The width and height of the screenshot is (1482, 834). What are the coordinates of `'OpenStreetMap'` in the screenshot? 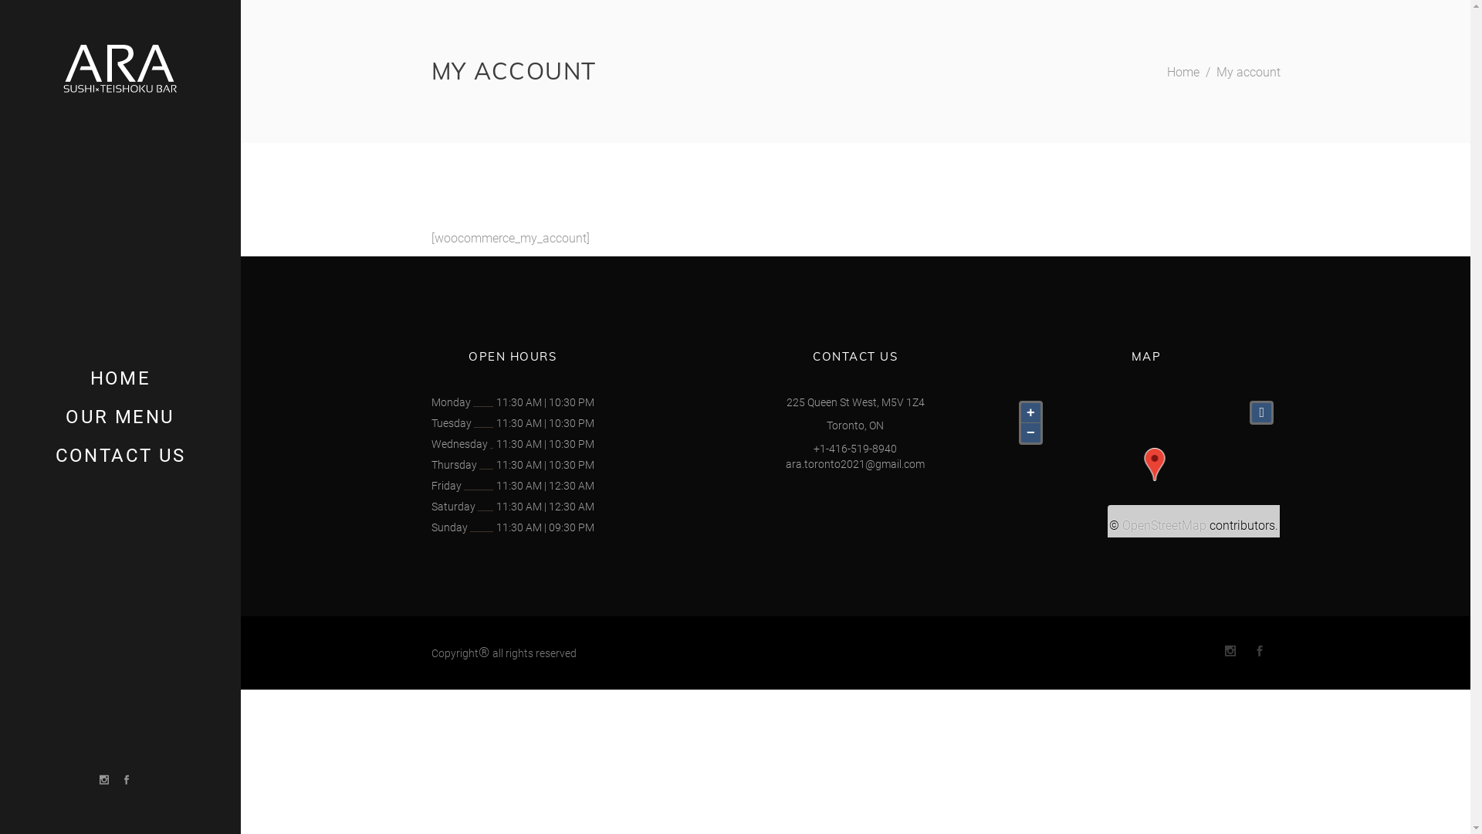 It's located at (1122, 524).